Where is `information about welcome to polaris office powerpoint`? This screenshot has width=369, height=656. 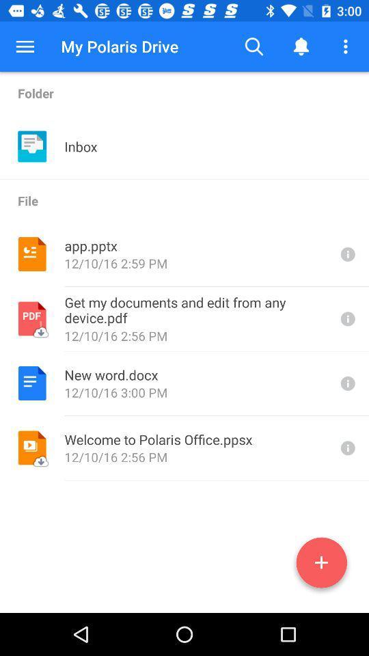
information about welcome to polaris office powerpoint is located at coordinates (346, 447).